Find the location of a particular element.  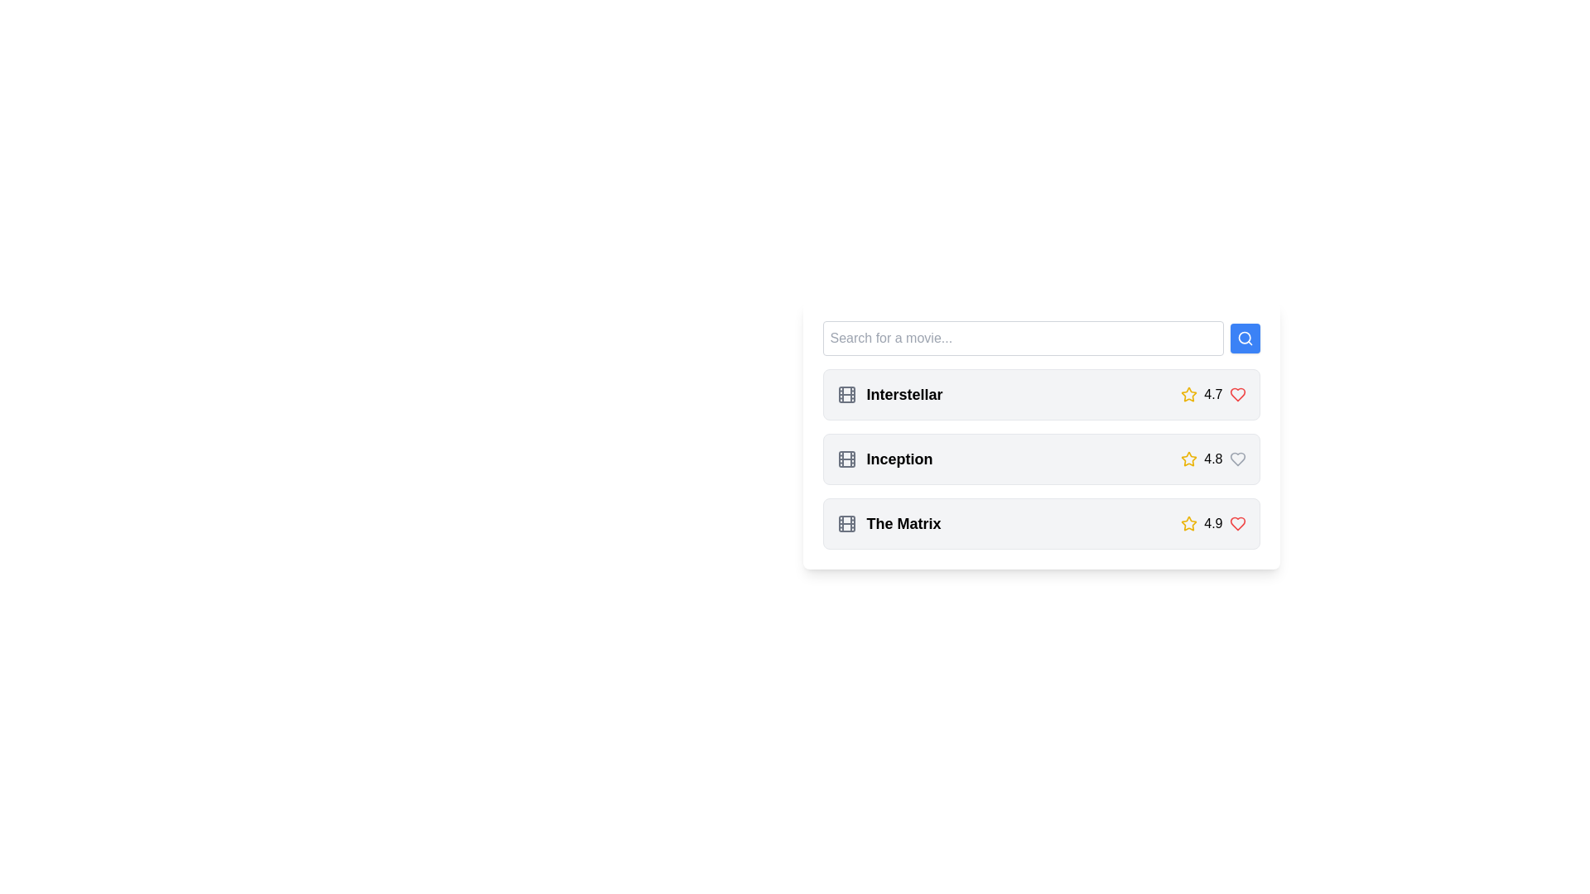

the film icon located to the left of the movie title 'The Matrix' in the list of movie options is located at coordinates (846, 523).